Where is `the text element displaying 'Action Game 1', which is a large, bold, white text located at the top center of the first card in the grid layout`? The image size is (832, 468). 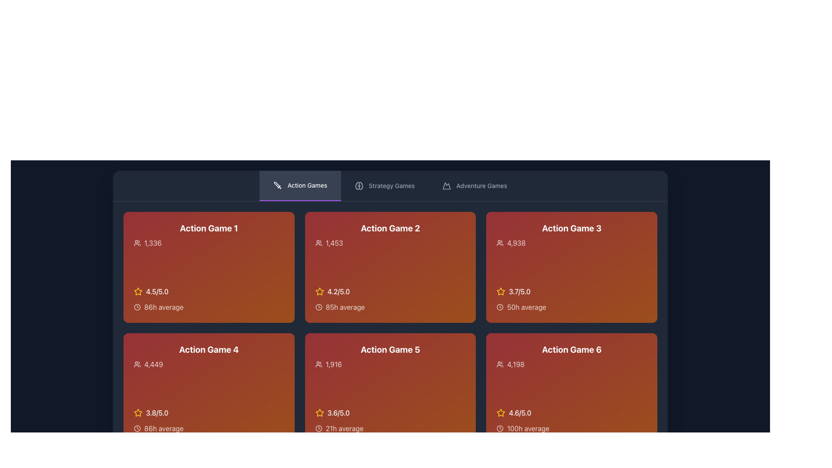 the text element displaying 'Action Game 1', which is a large, bold, white text located at the top center of the first card in the grid layout is located at coordinates (209, 228).